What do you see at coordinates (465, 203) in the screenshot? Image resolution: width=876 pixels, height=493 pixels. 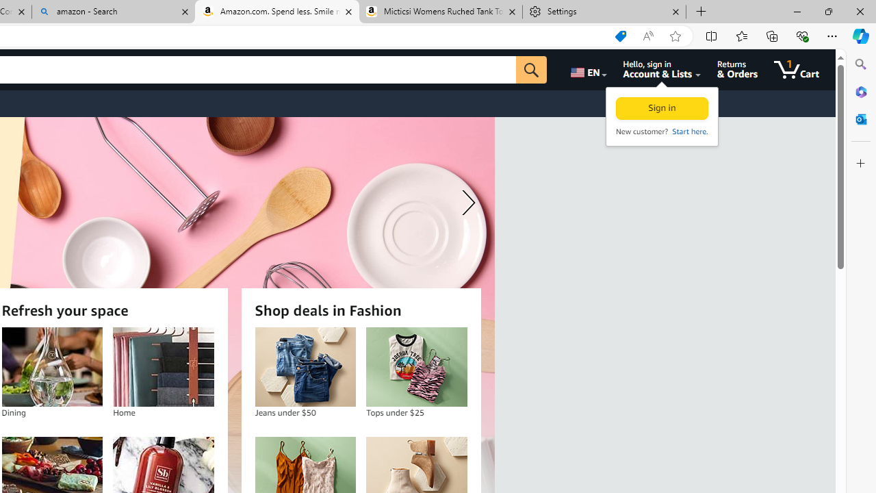 I see `'Next slide'` at bounding box center [465, 203].